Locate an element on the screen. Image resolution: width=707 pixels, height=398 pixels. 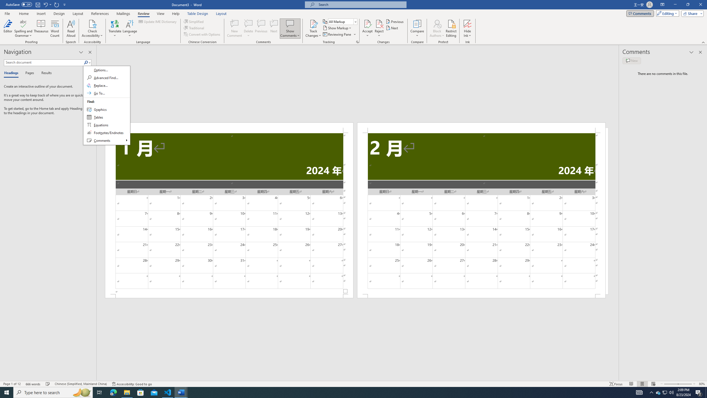
'Undo Increase Indent' is located at coordinates (47, 4).